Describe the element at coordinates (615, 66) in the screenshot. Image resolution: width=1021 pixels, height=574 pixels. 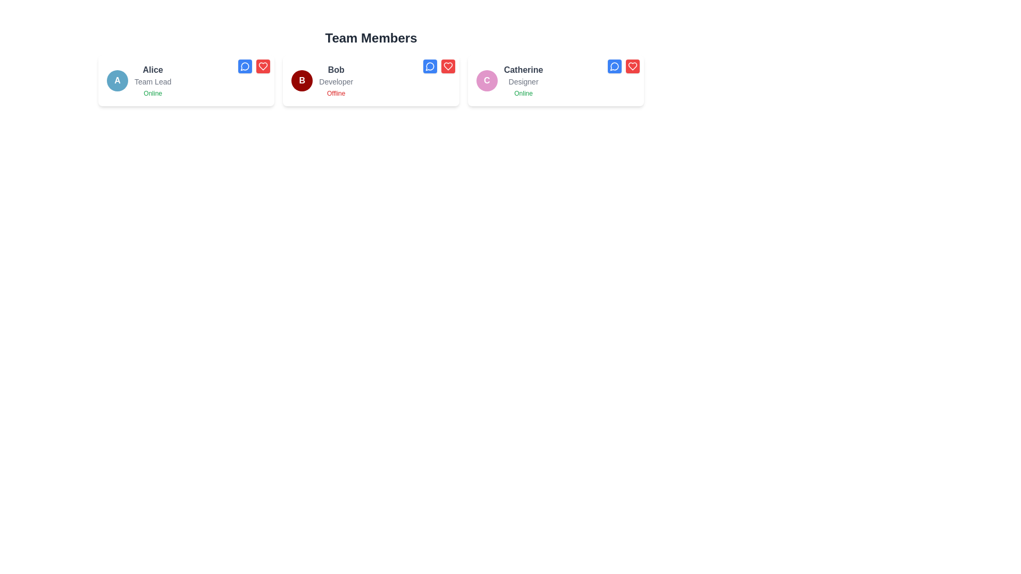
I see `the chat button located in the top-right corner of Catherine's information card to initiate a chat` at that location.